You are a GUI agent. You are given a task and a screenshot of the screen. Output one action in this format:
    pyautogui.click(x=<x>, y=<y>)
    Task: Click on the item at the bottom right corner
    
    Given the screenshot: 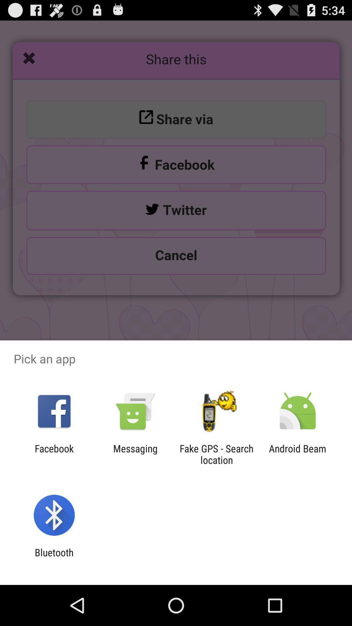 What is the action you would take?
    pyautogui.click(x=298, y=454)
    